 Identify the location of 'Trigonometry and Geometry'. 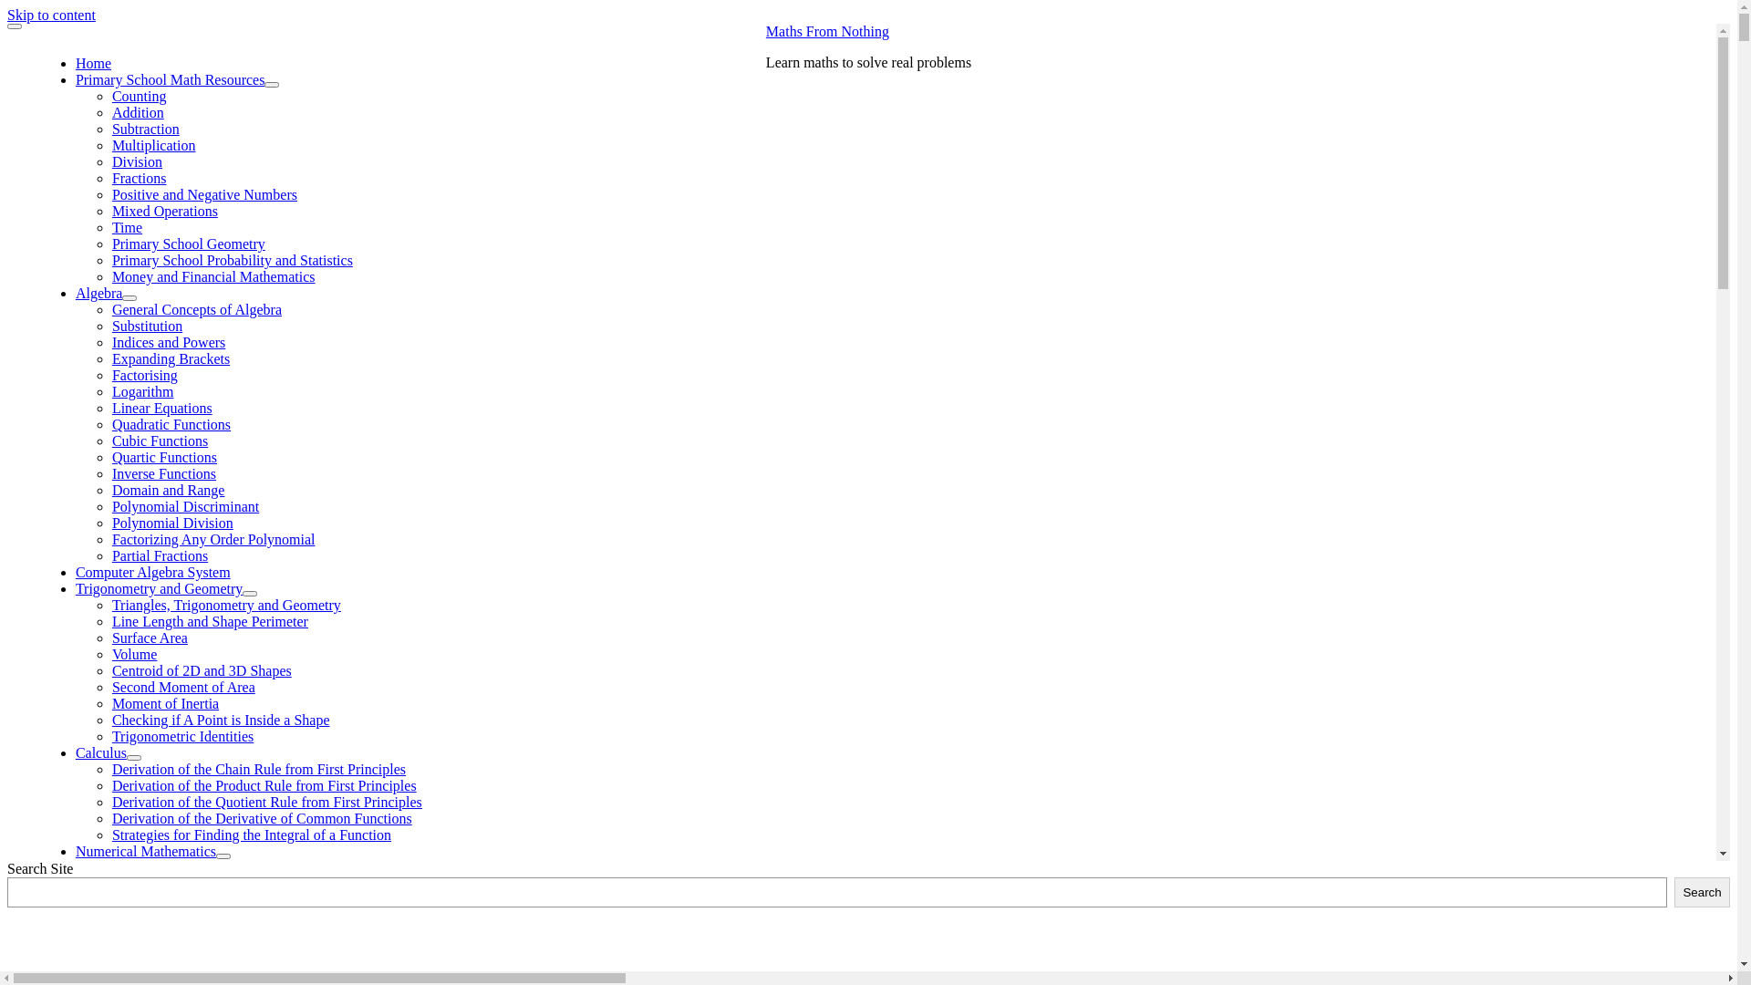
(159, 588).